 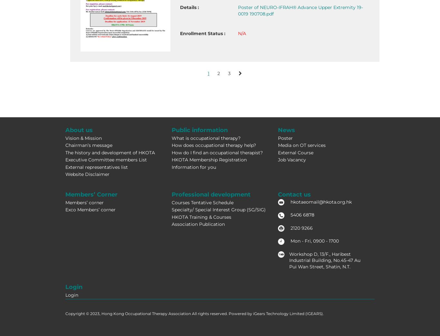 What do you see at coordinates (301, 214) in the screenshot?
I see `'5406 6878'` at bounding box center [301, 214].